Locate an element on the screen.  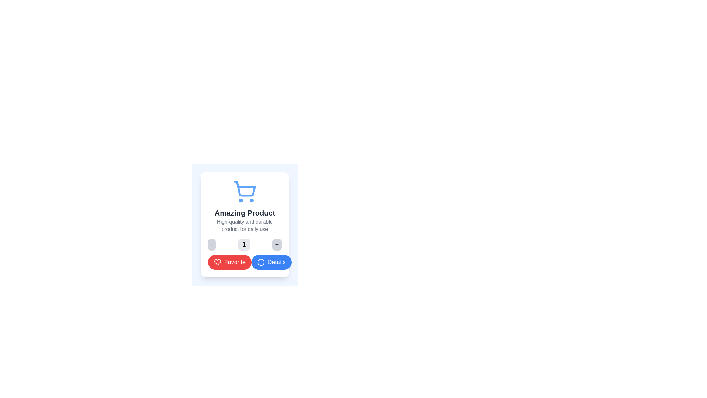
the product title text label located centrally below the shopping cart icon to use it as context for interacting with other elements is located at coordinates (245, 213).